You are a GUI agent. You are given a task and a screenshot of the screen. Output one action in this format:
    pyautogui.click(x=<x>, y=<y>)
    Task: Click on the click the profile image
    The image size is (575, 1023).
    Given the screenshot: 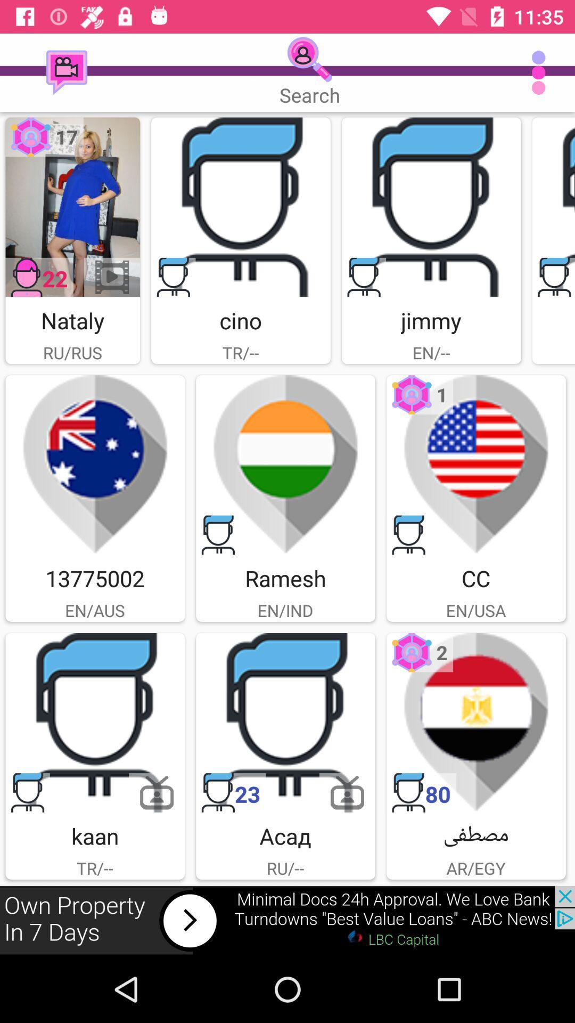 What is the action you would take?
    pyautogui.click(x=553, y=207)
    